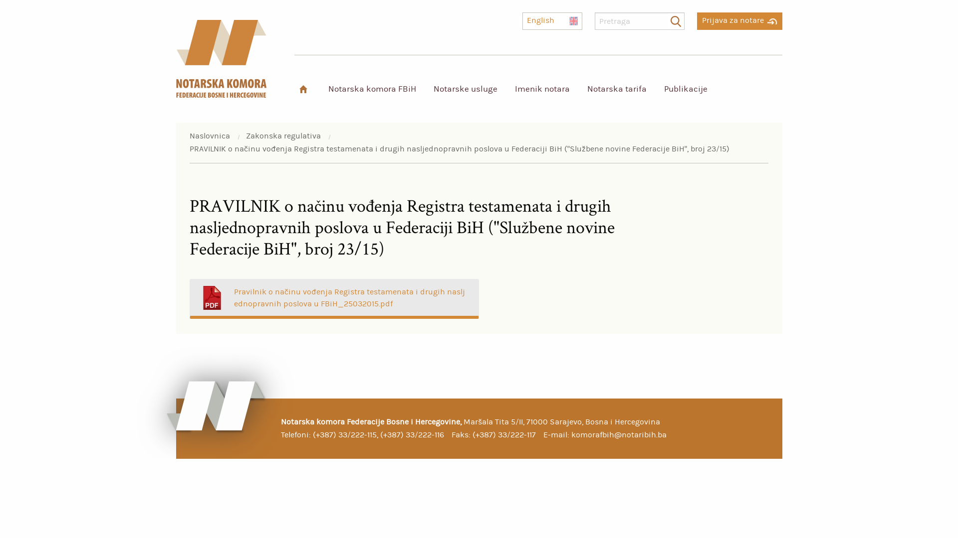 The width and height of the screenshot is (958, 538). Describe the element at coordinates (675, 21) in the screenshot. I see `'Pretraga'` at that location.